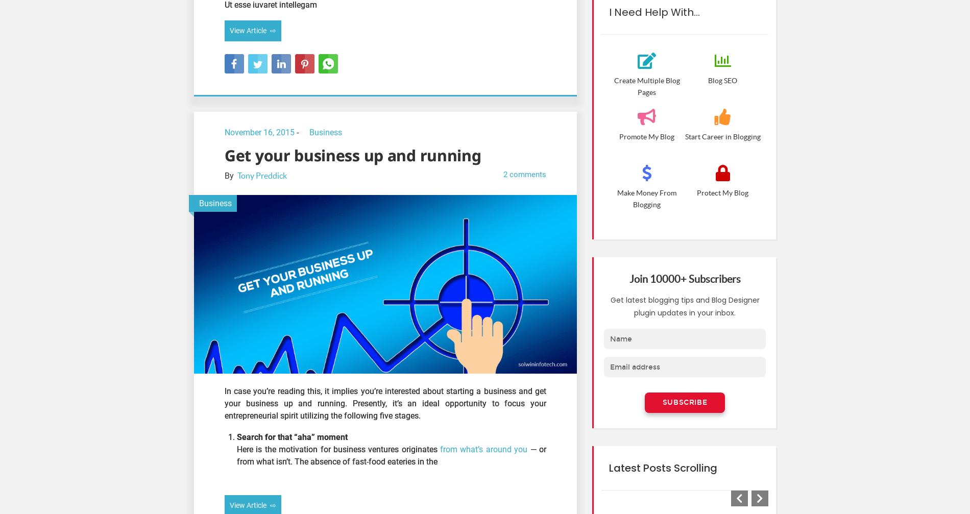 Image resolution: width=970 pixels, height=514 pixels. I want to click on 'Make Money From Blogging', so click(646, 199).